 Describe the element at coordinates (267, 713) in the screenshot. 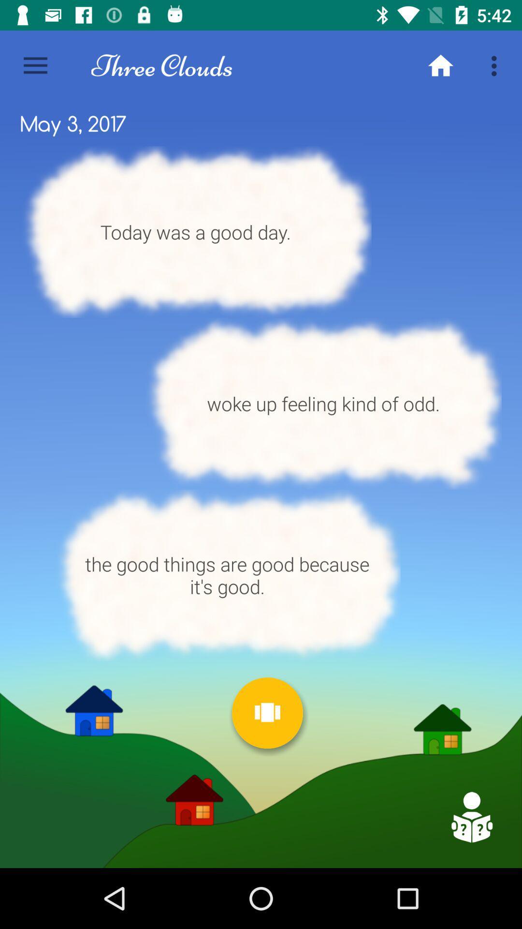

I see `choose next` at that location.